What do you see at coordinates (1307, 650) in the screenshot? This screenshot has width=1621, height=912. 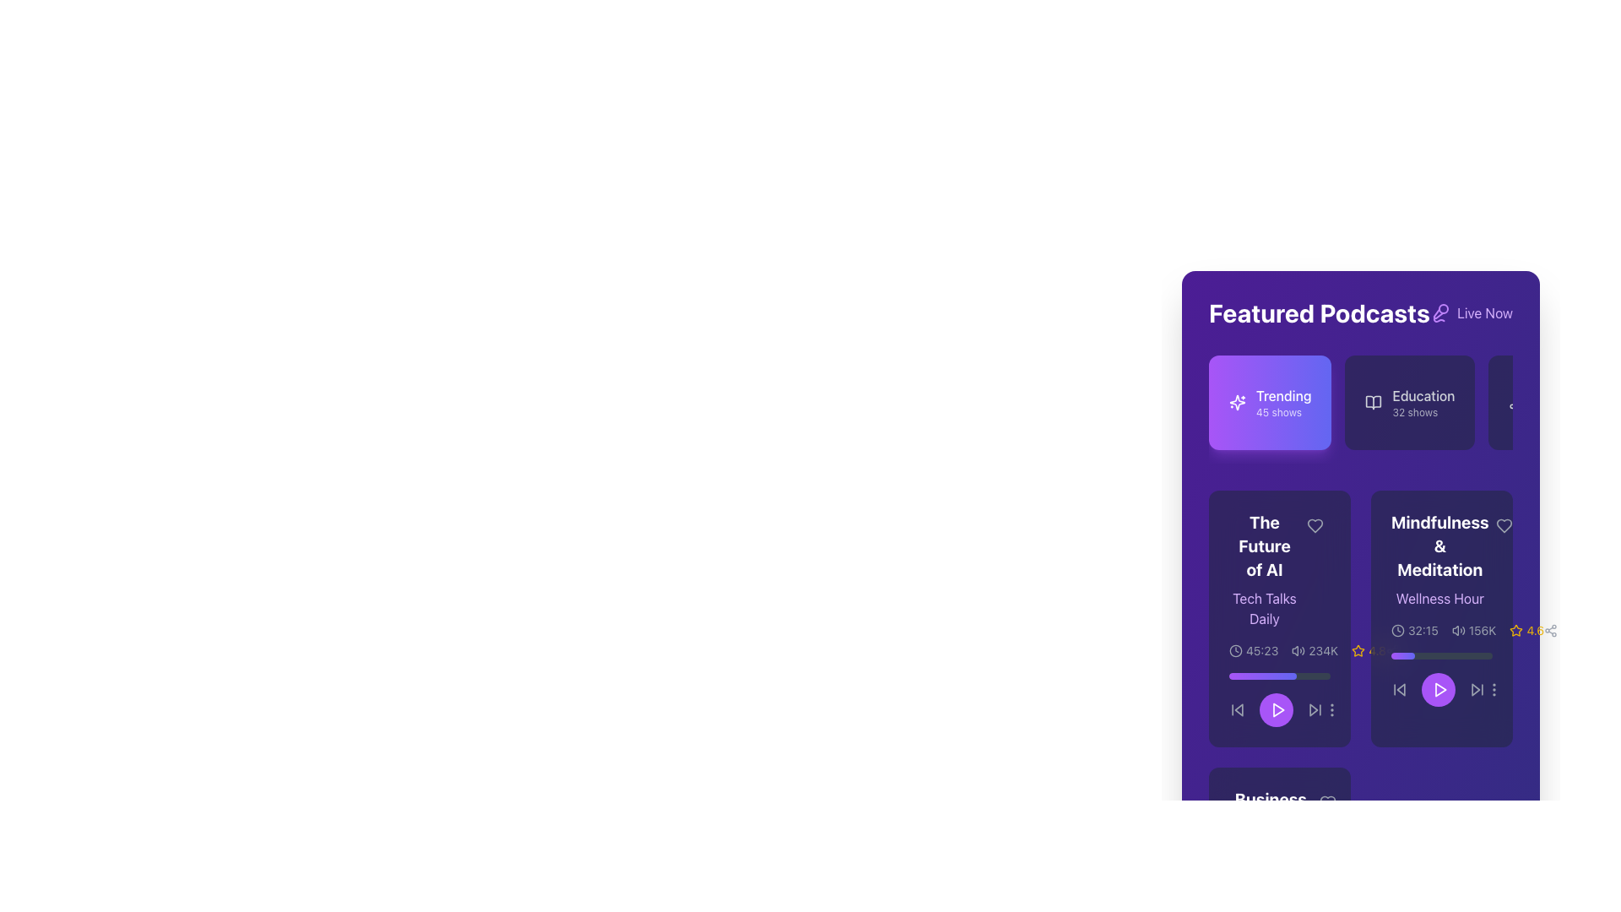 I see `the Information bar containing labels and icons for the podcast 'The Future of AI'` at bounding box center [1307, 650].